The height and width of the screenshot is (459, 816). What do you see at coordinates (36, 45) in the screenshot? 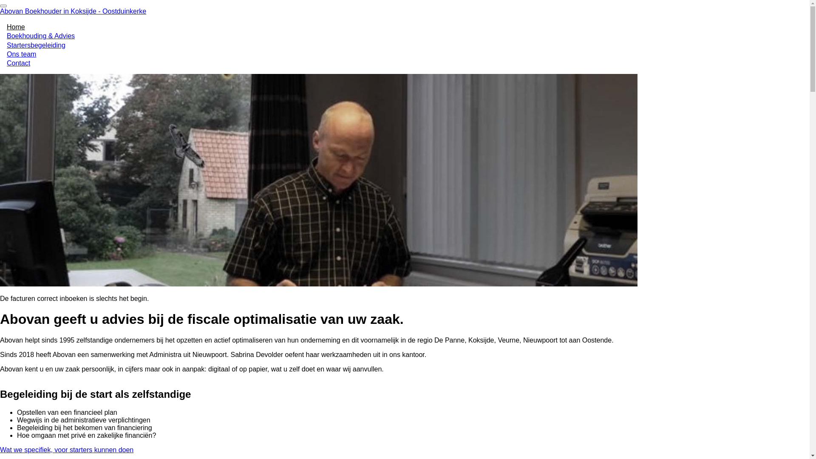
I see `'Startersbegeleiding'` at bounding box center [36, 45].